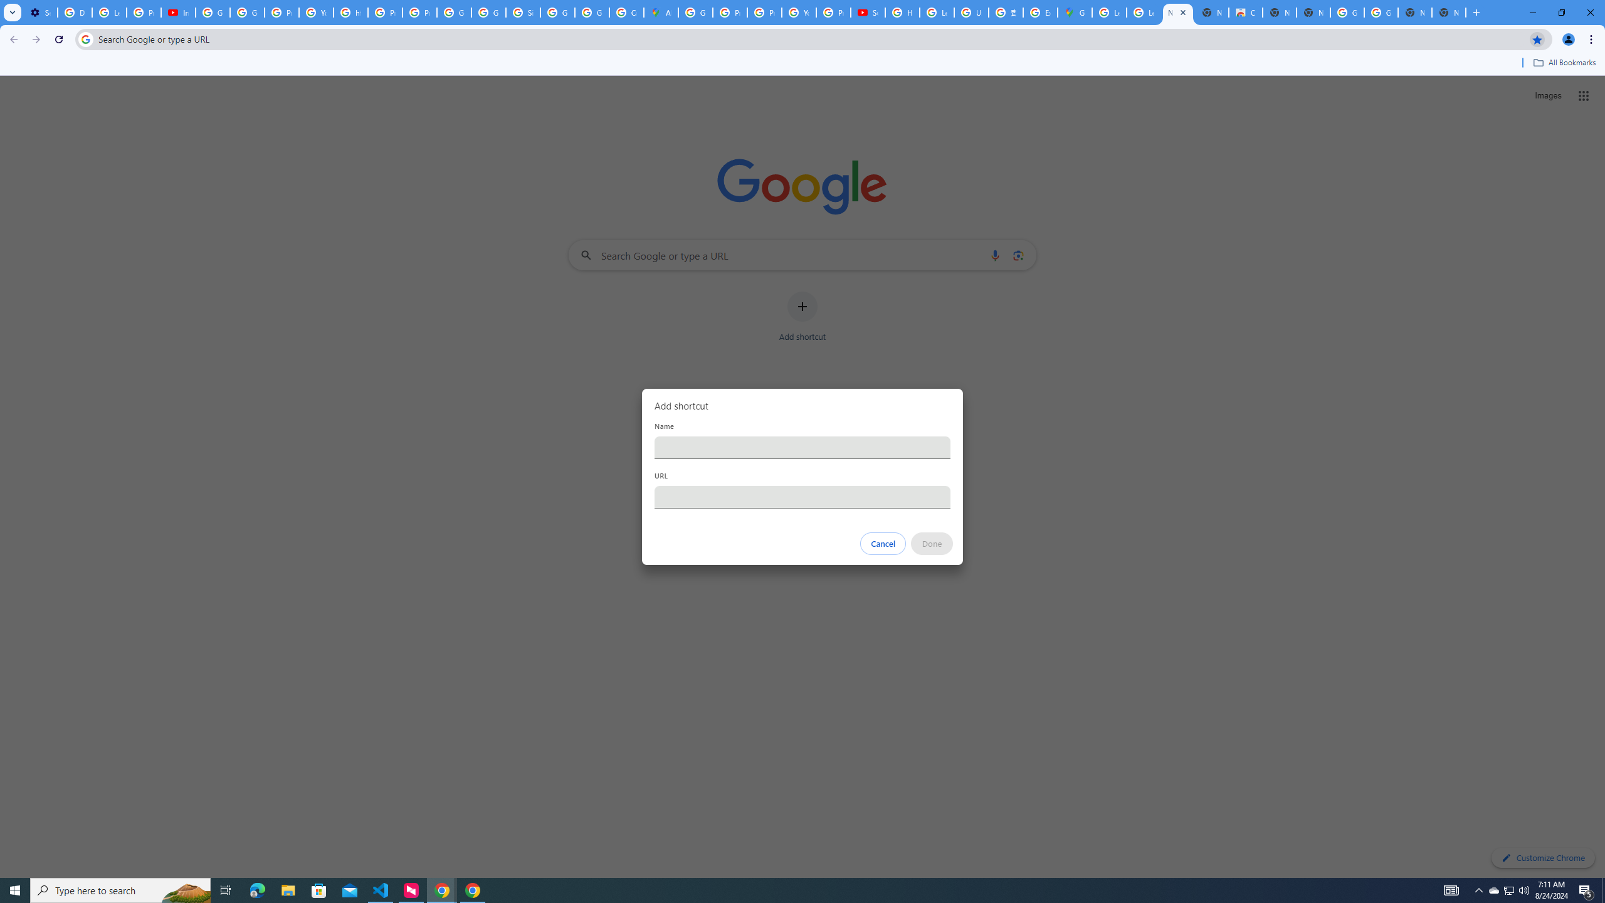 The image size is (1605, 903). What do you see at coordinates (1245, 12) in the screenshot?
I see `'Chrome Web Store'` at bounding box center [1245, 12].